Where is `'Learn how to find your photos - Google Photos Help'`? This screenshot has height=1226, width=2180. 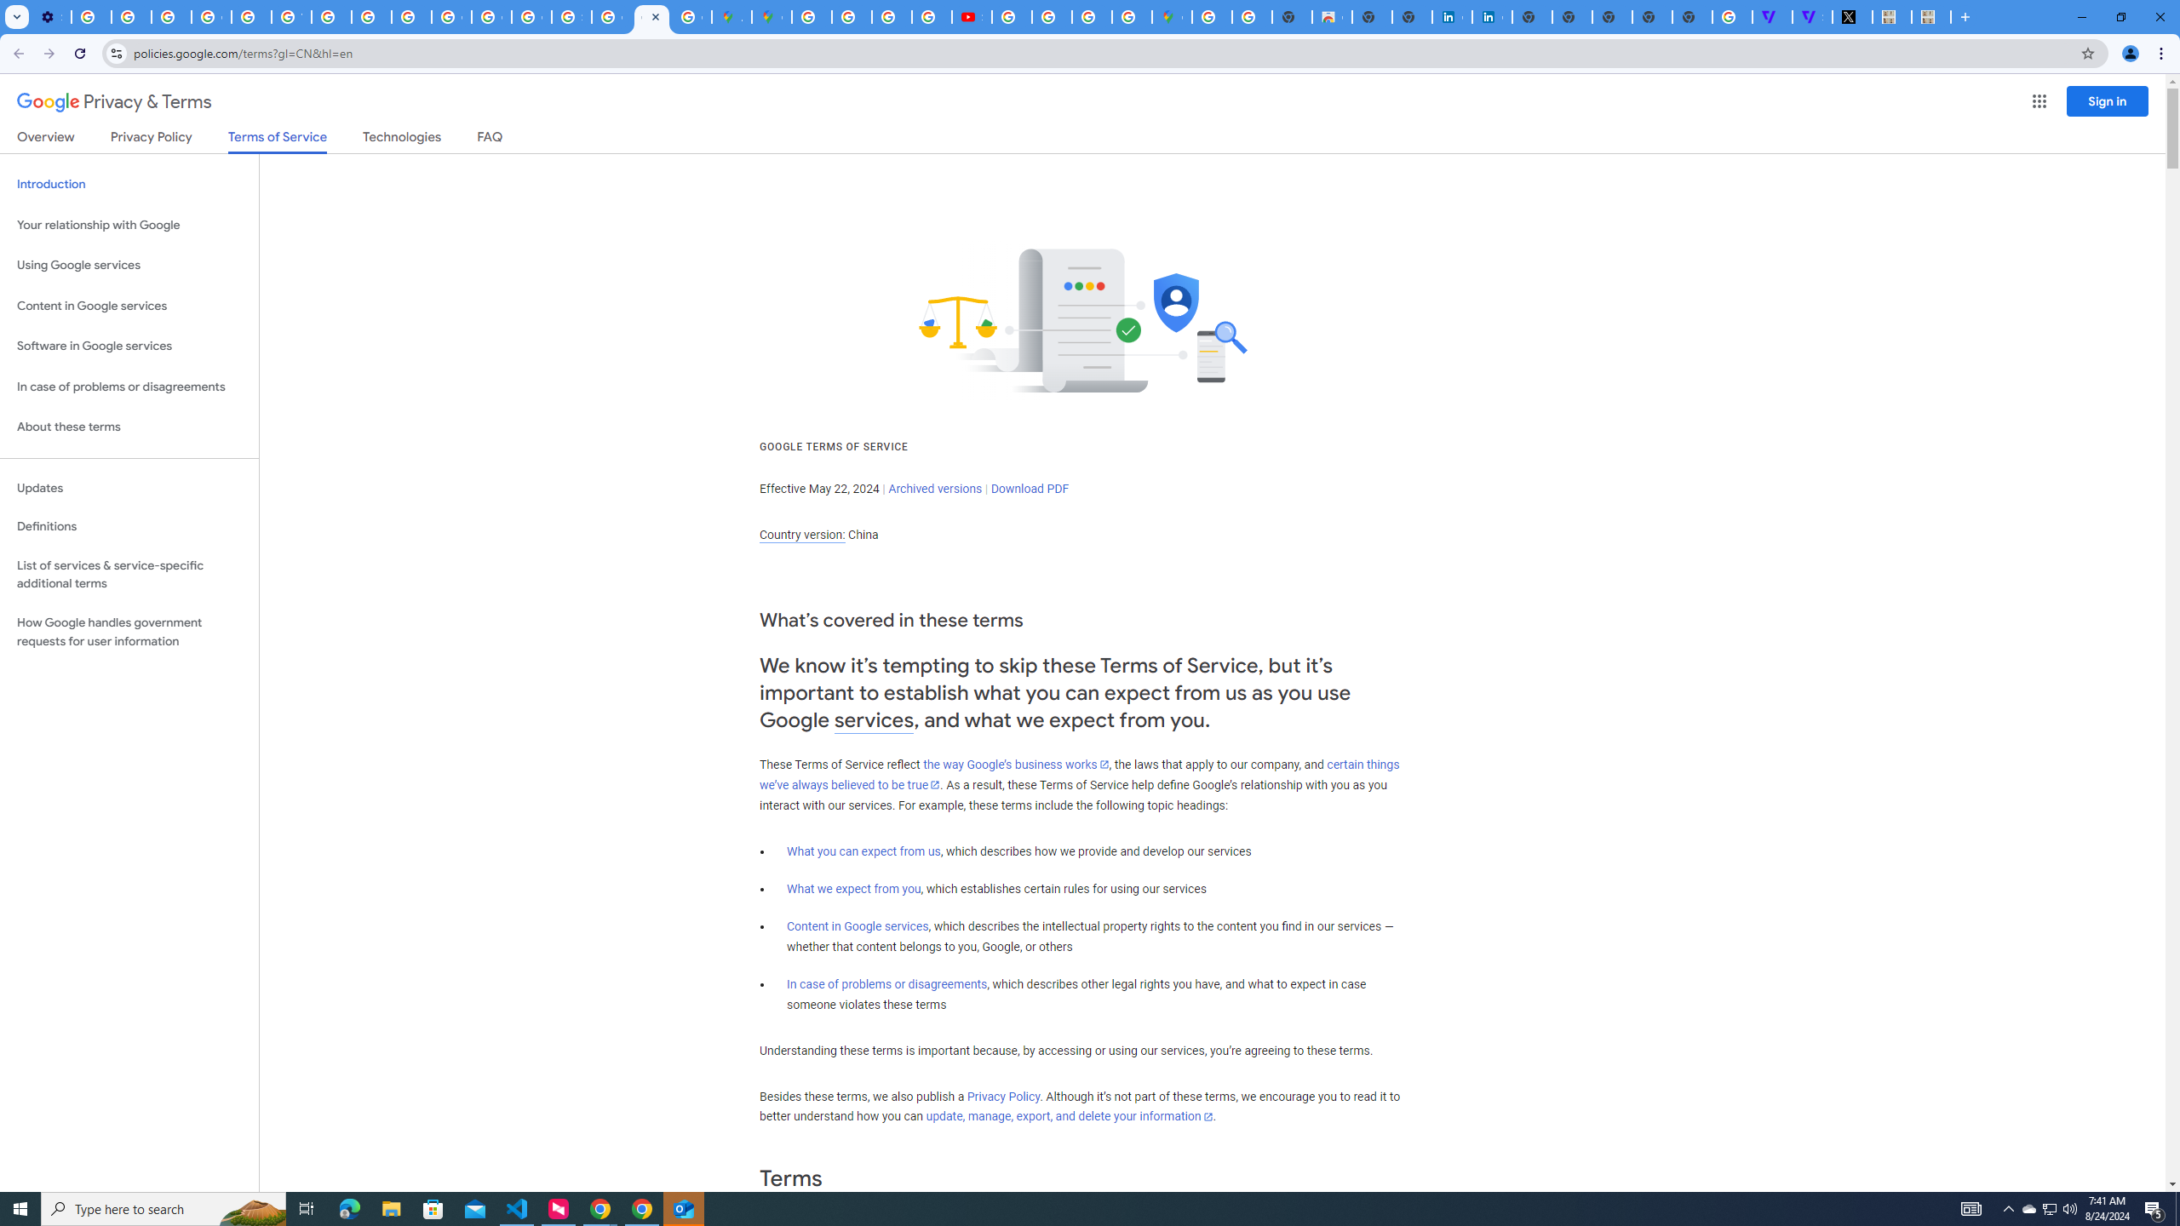 'Learn how to find your photos - Google Photos Help' is located at coordinates (131, 16).